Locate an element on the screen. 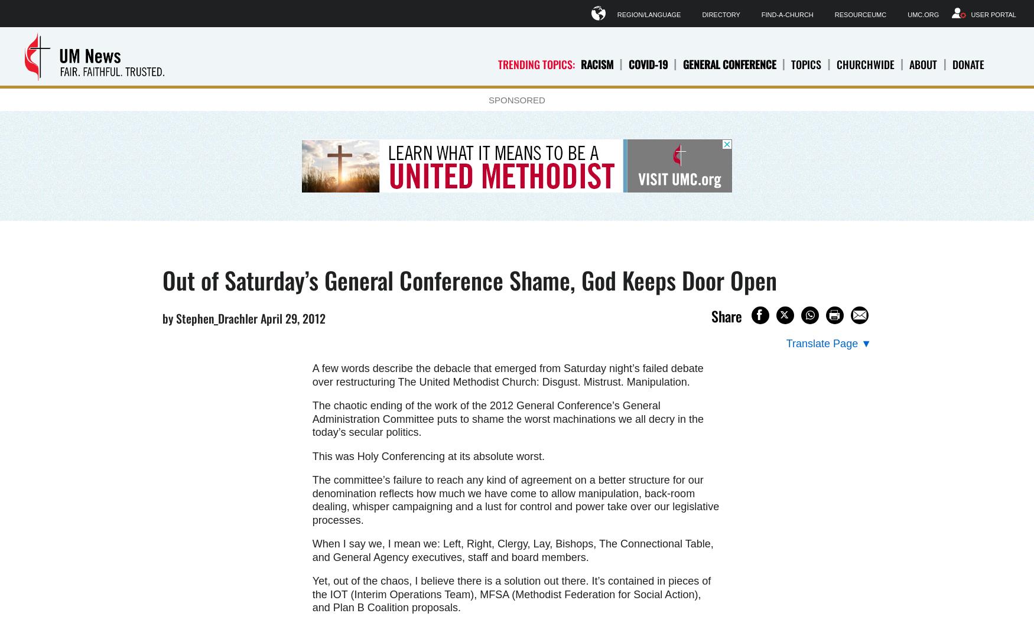 This screenshot has width=1034, height=623. 'Trending Topics:' is located at coordinates (536, 63).